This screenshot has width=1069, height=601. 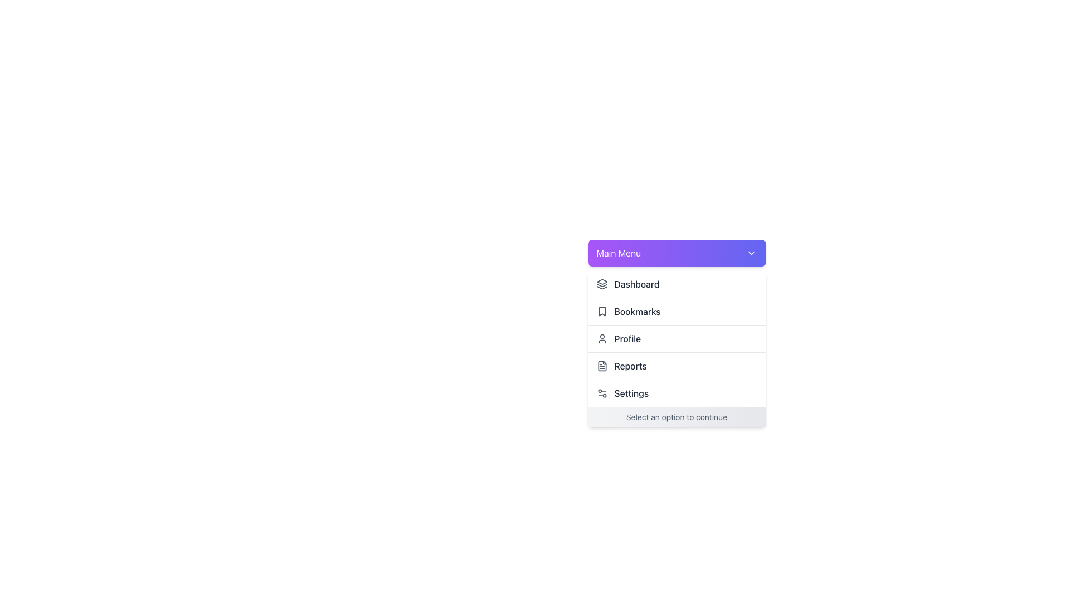 I want to click on the 'Reports' Menu Item Label, which is styled in medium-weight gray font and is located in the vertical menu list under 'Main Menu', so click(x=630, y=366).